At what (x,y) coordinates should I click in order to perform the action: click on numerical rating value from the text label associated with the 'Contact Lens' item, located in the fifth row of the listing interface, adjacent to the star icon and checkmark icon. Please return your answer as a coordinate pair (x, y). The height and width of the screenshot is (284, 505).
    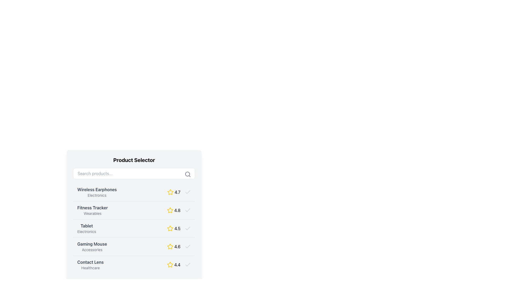
    Looking at the image, I should click on (177, 265).